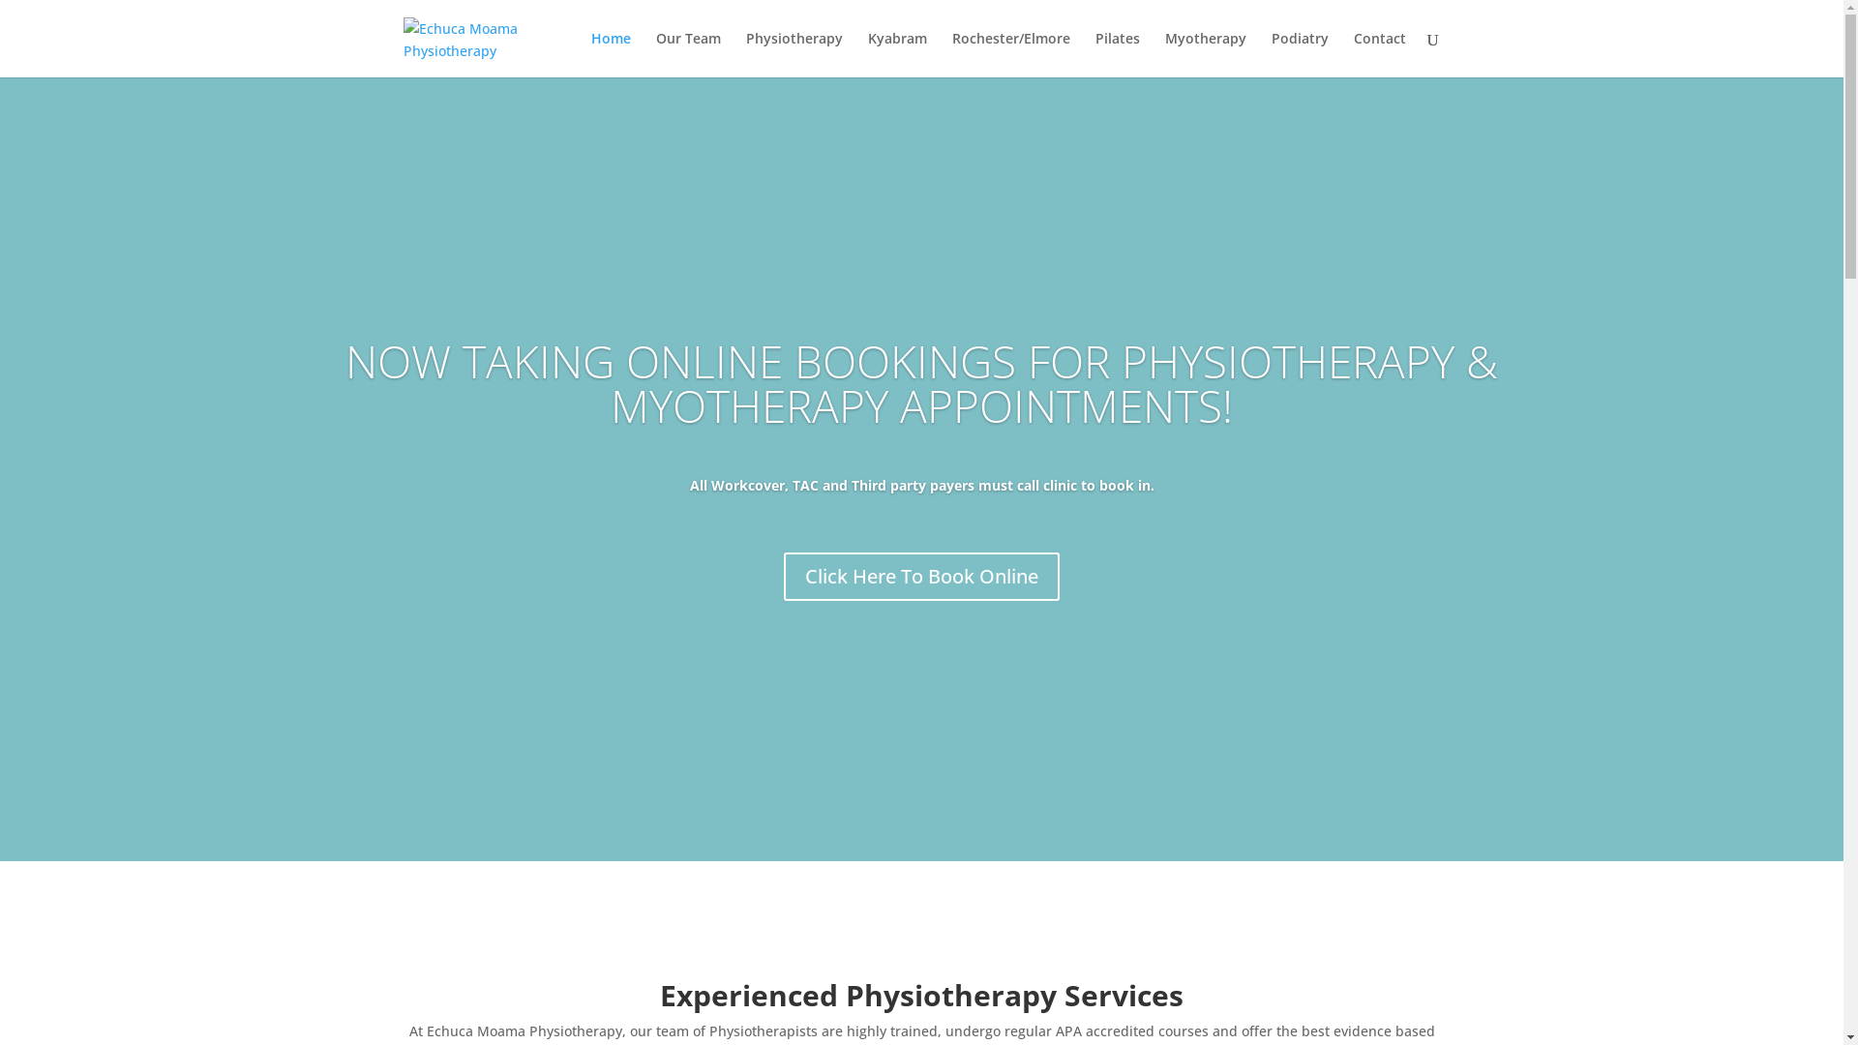  Describe the element at coordinates (1300, 53) in the screenshot. I see `'Podiatry'` at that location.